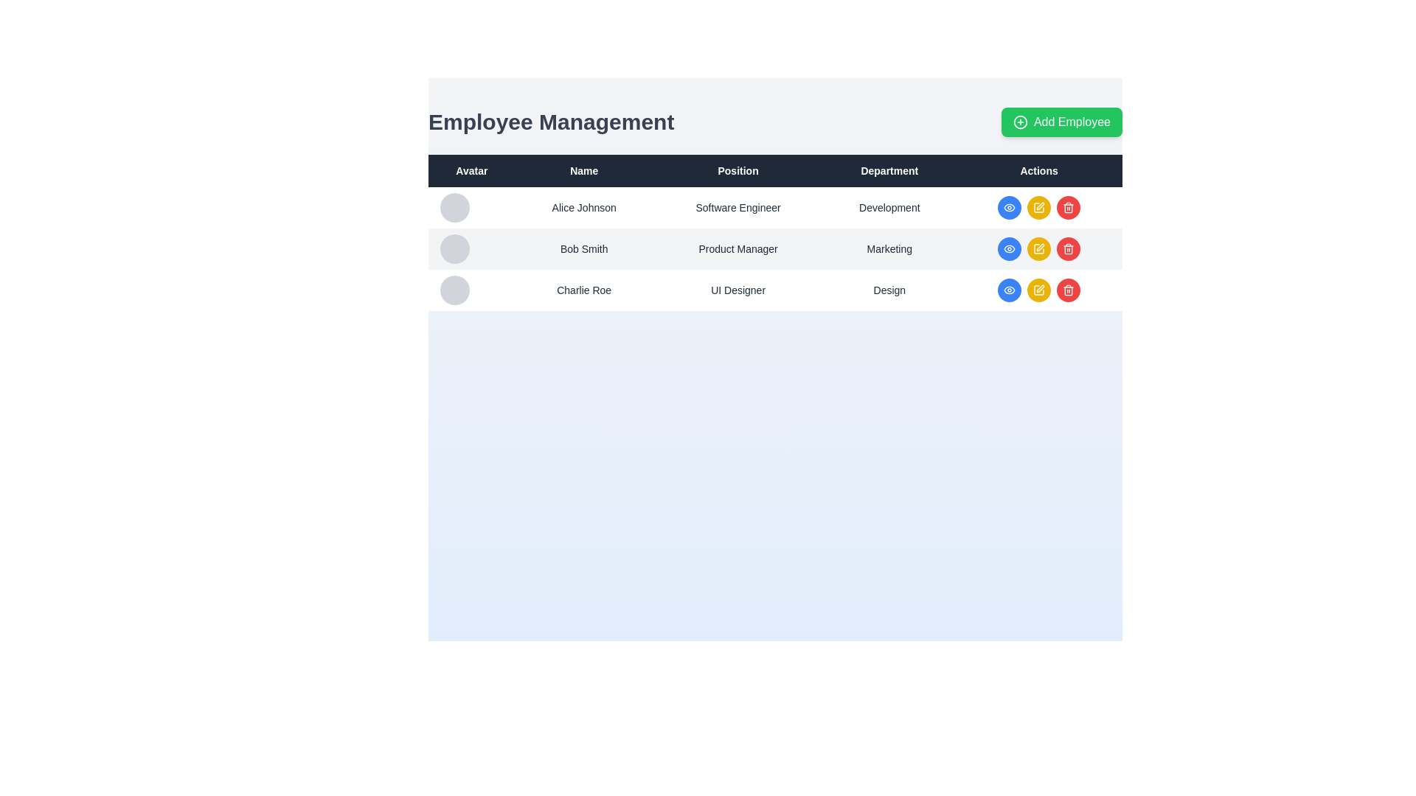 This screenshot has width=1416, height=796. I want to click on the text element displaying 'Bob Smith' in the second row of the table under the 'Name' column, so click(583, 248).